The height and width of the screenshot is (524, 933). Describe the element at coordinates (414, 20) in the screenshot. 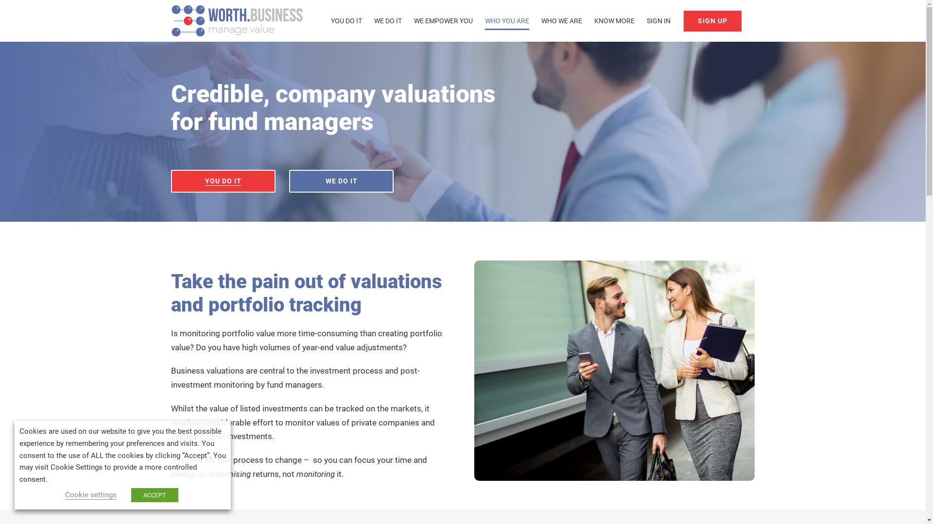

I see `'WE EMPOWER YOU'` at that location.